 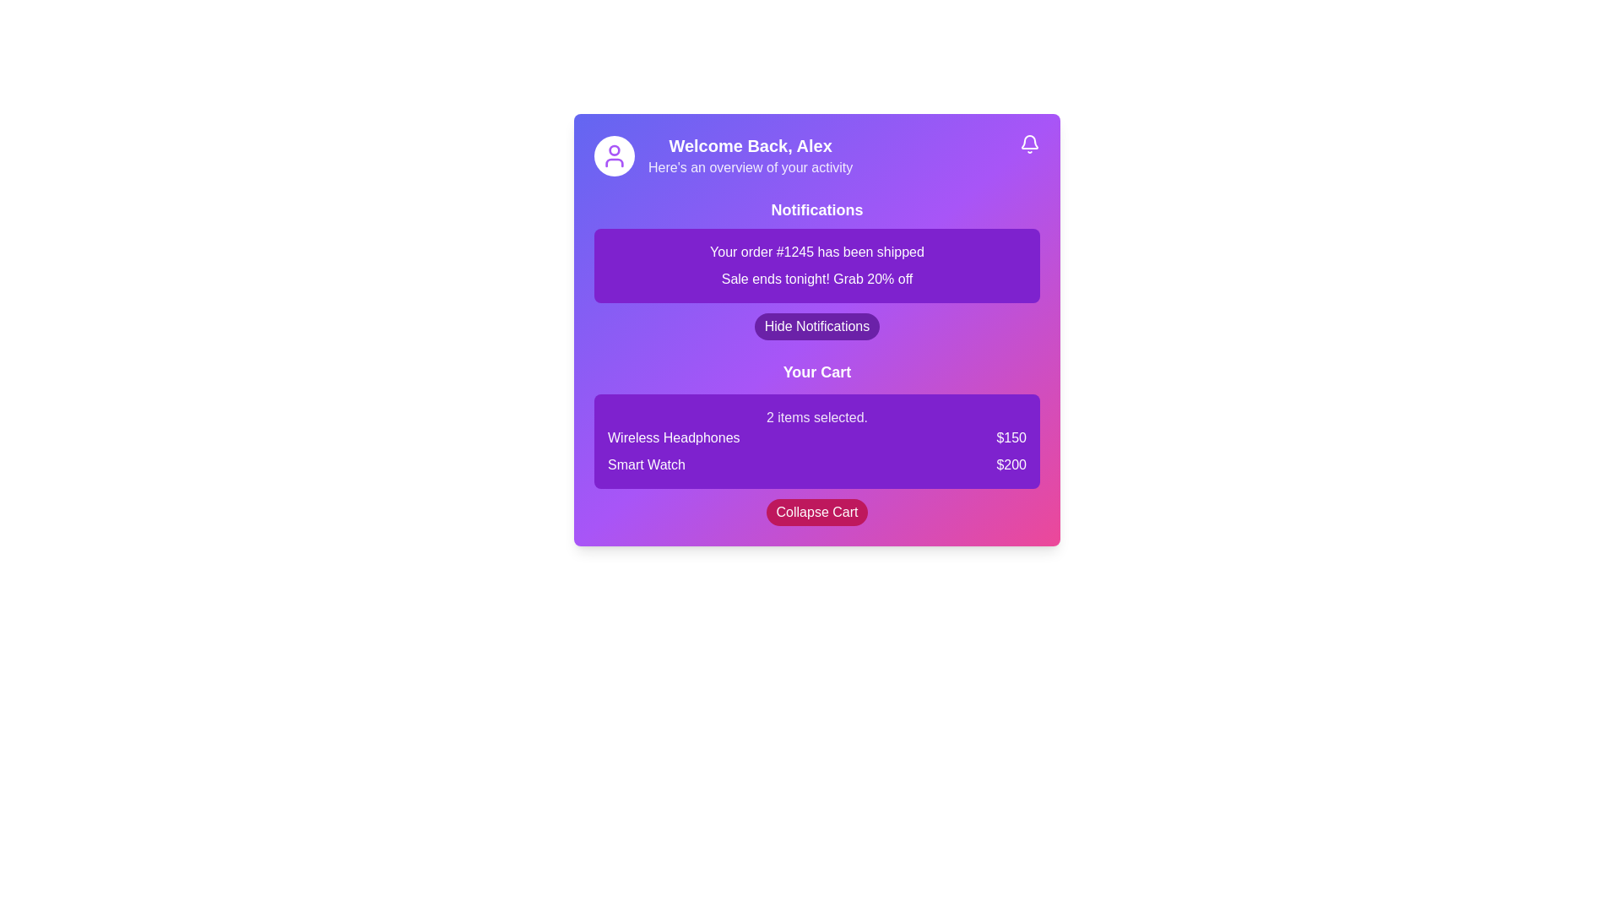 I want to click on the text label displaying '$150' in bold white font against a purple background, located in the 'Your Cart' section next to 'Wireless Headphones', so click(x=1011, y=437).